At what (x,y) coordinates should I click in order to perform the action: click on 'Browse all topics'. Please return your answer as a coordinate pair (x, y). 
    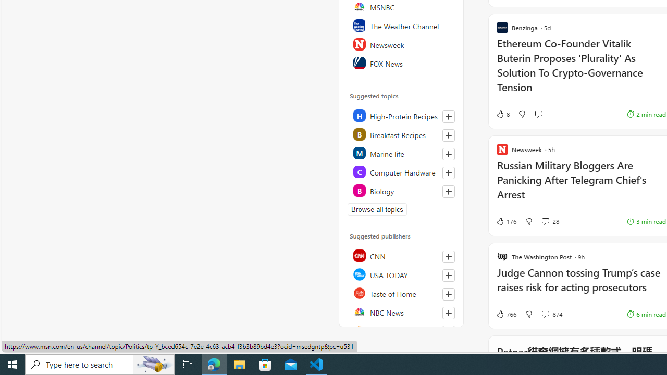
    Looking at the image, I should click on (377, 209).